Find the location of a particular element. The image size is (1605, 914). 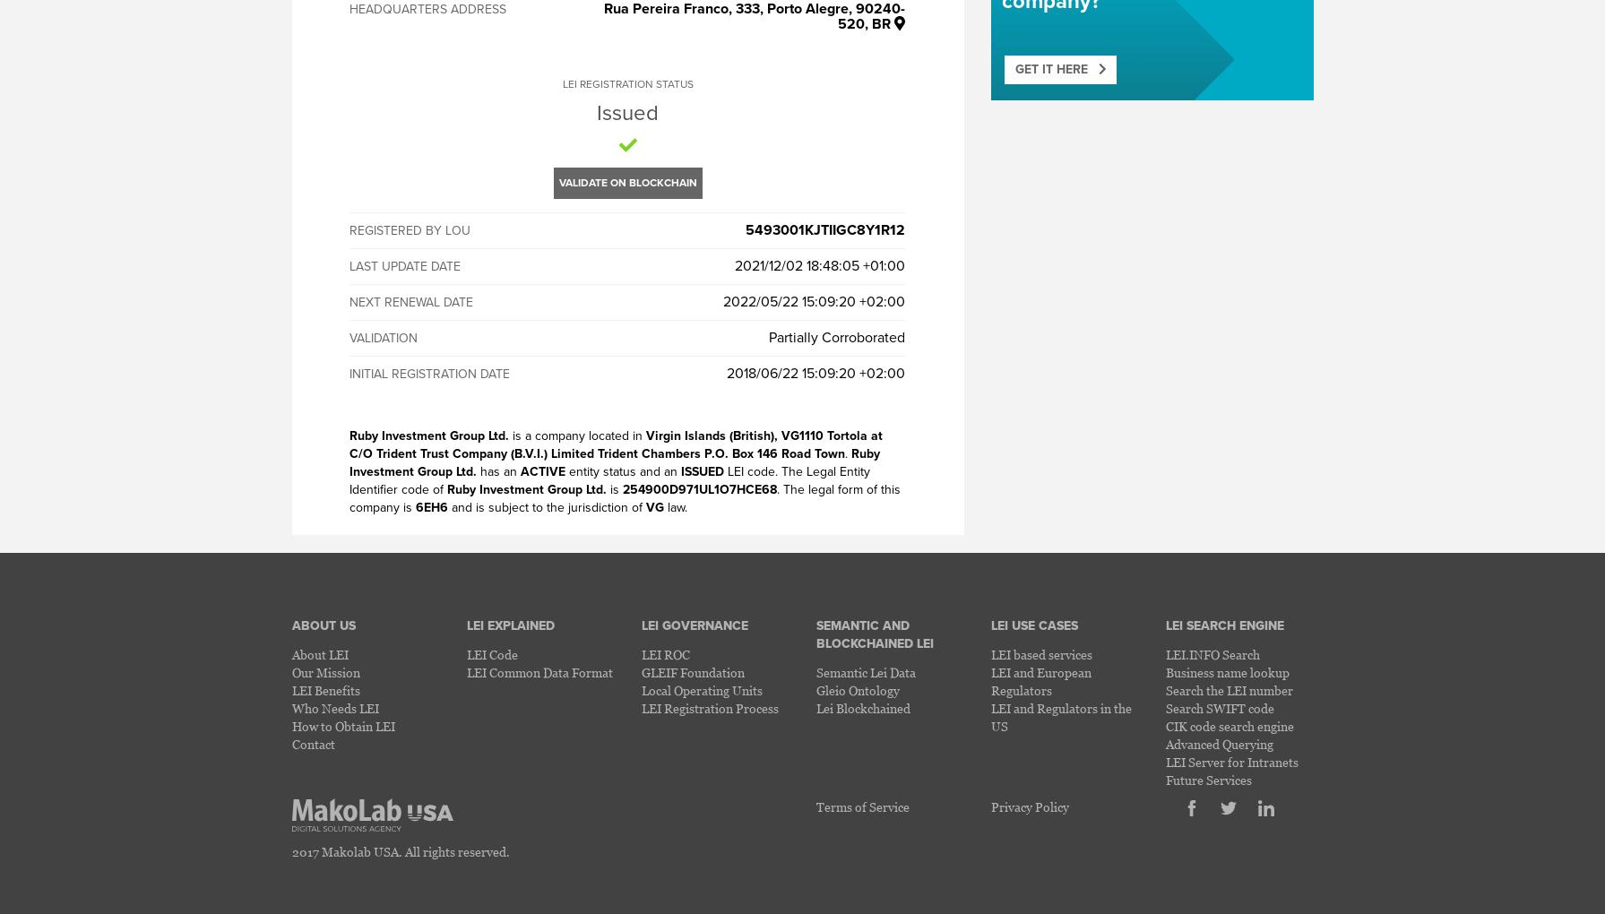

'Search SWIFT code' is located at coordinates (1218, 707).